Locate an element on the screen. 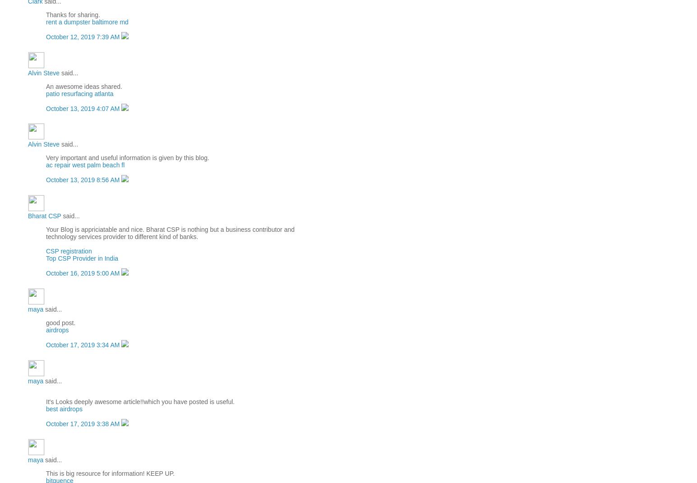  'October 12, 2019 7:39 AM' is located at coordinates (45, 36).